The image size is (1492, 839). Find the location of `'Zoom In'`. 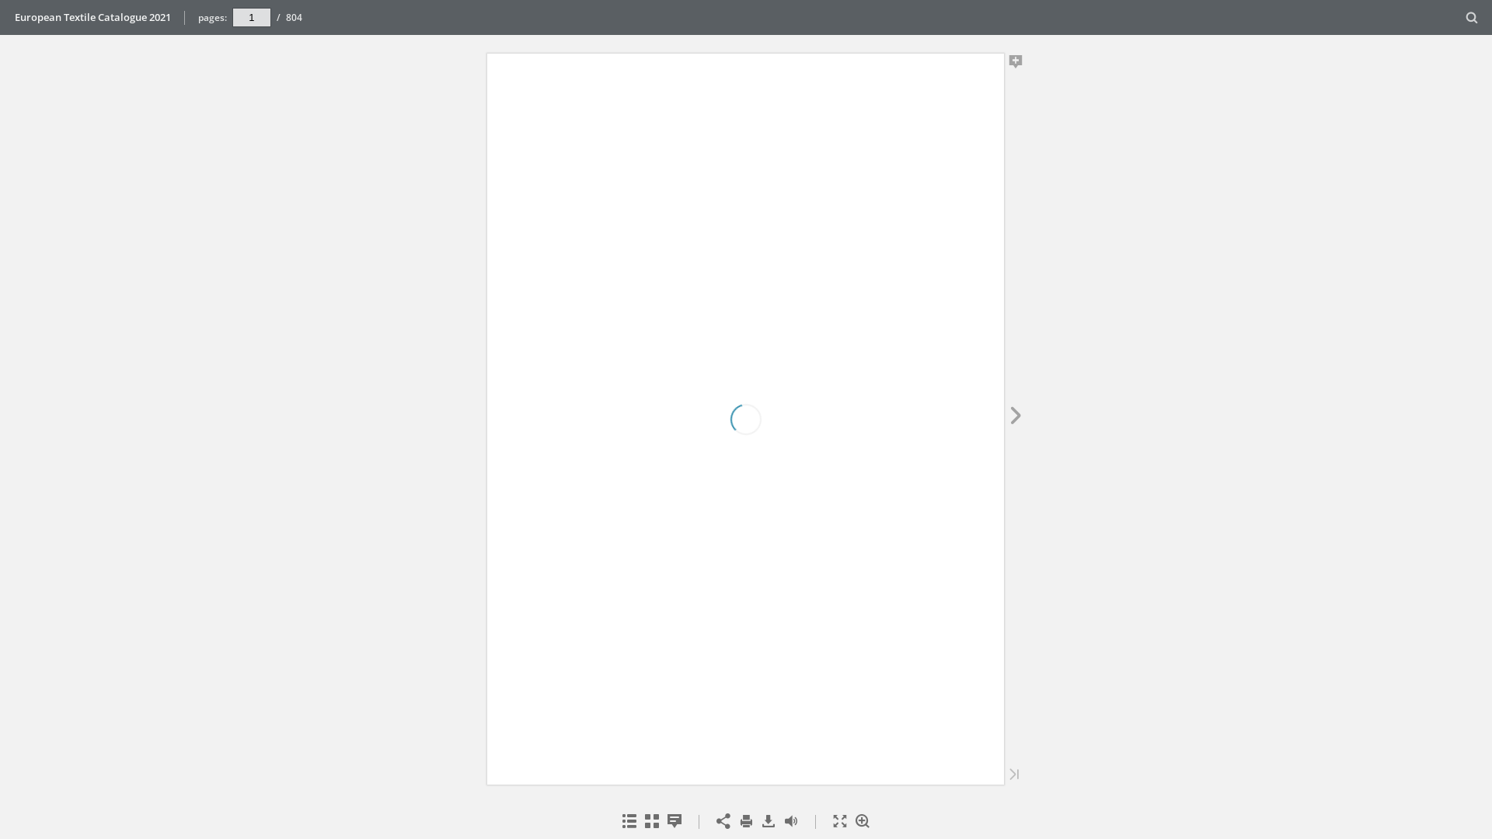

'Zoom In' is located at coordinates (862, 820).